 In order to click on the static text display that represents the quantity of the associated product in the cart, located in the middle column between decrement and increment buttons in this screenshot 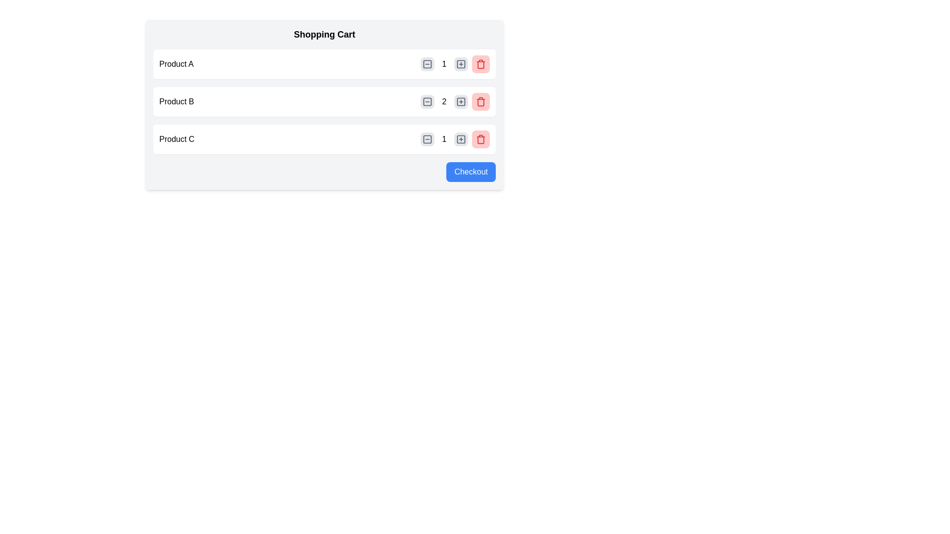, I will do `click(443, 101)`.